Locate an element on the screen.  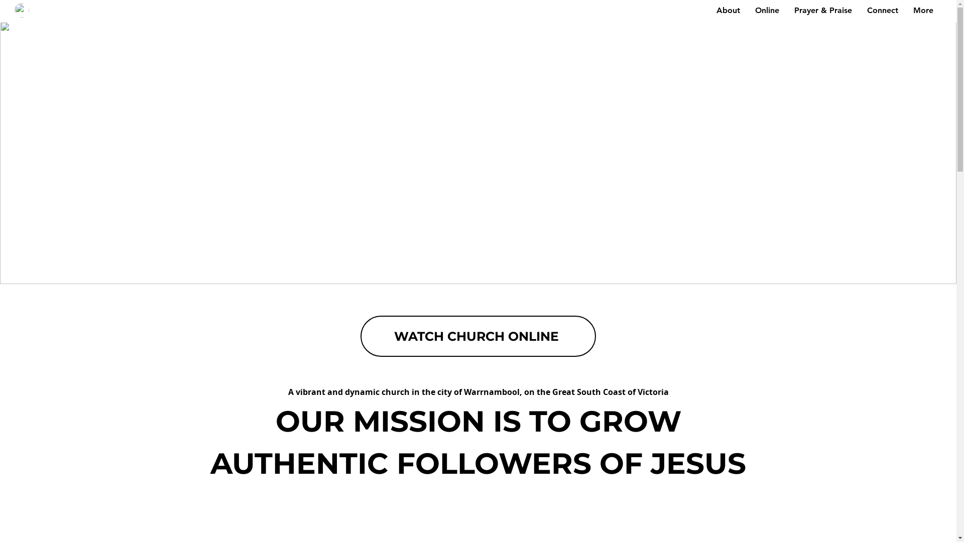
'Online' is located at coordinates (766, 10).